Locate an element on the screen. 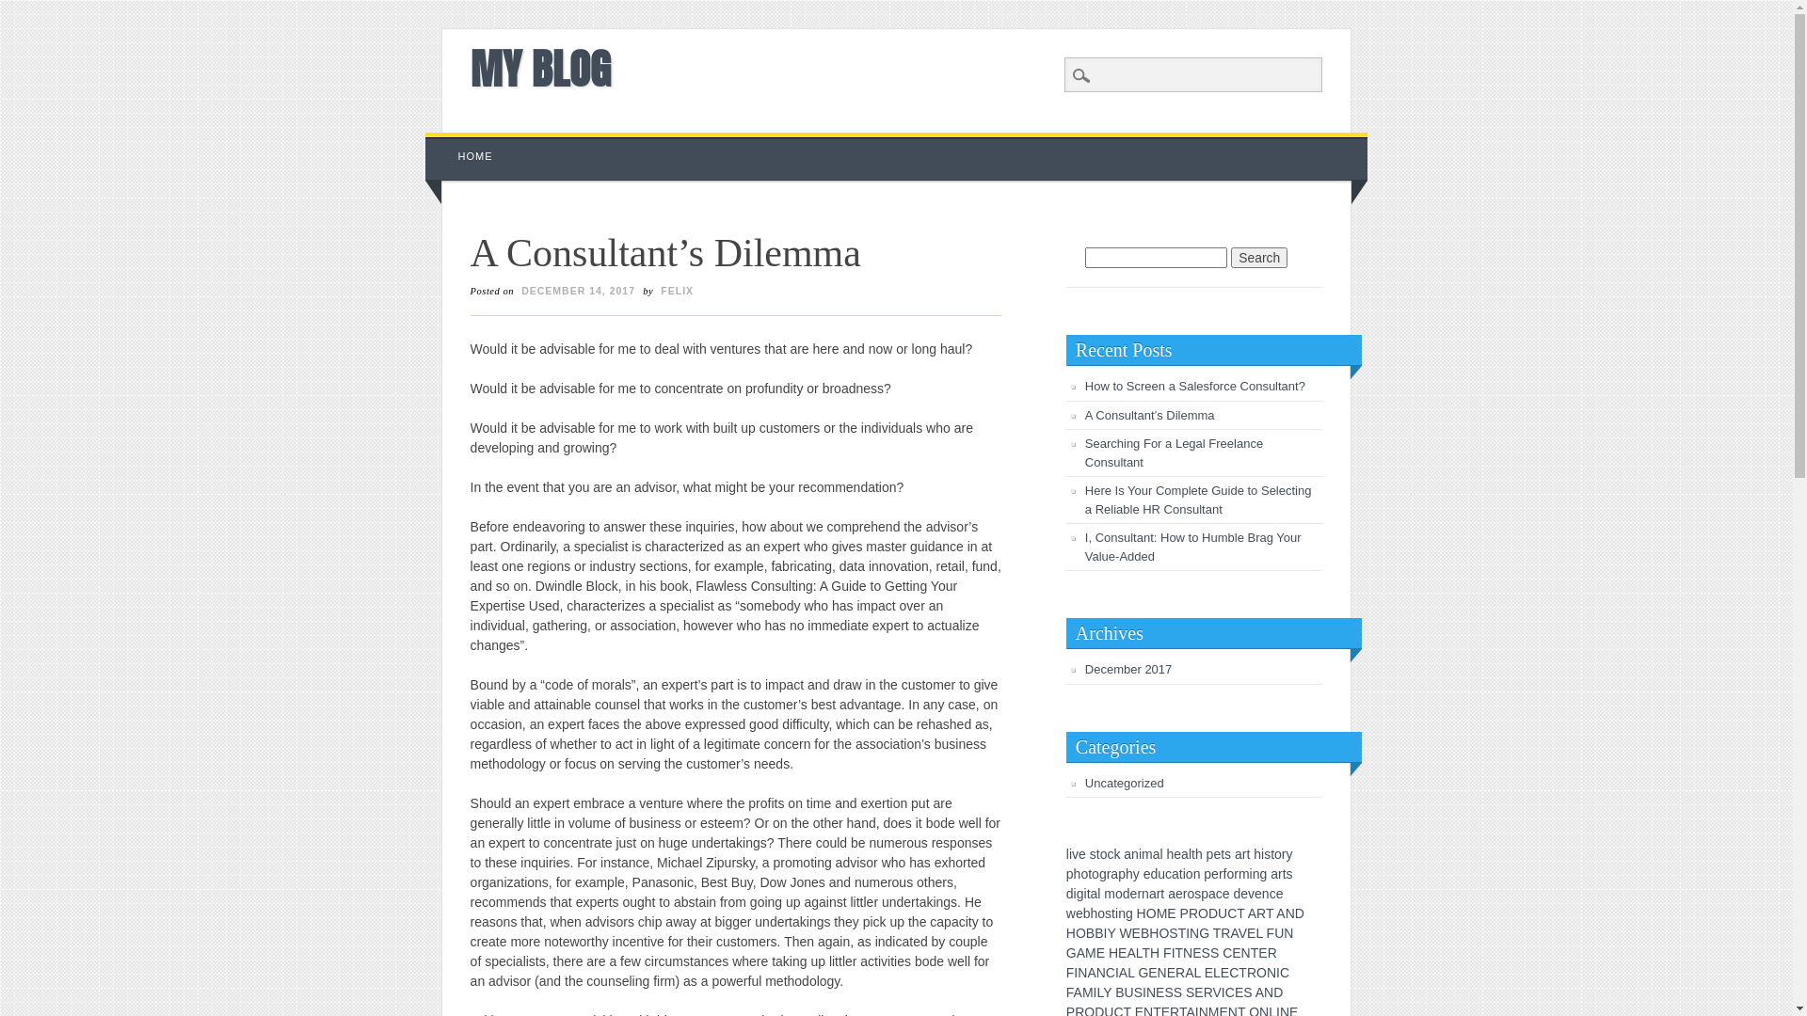 This screenshot has width=1807, height=1016. 's' is located at coordinates (1267, 853).